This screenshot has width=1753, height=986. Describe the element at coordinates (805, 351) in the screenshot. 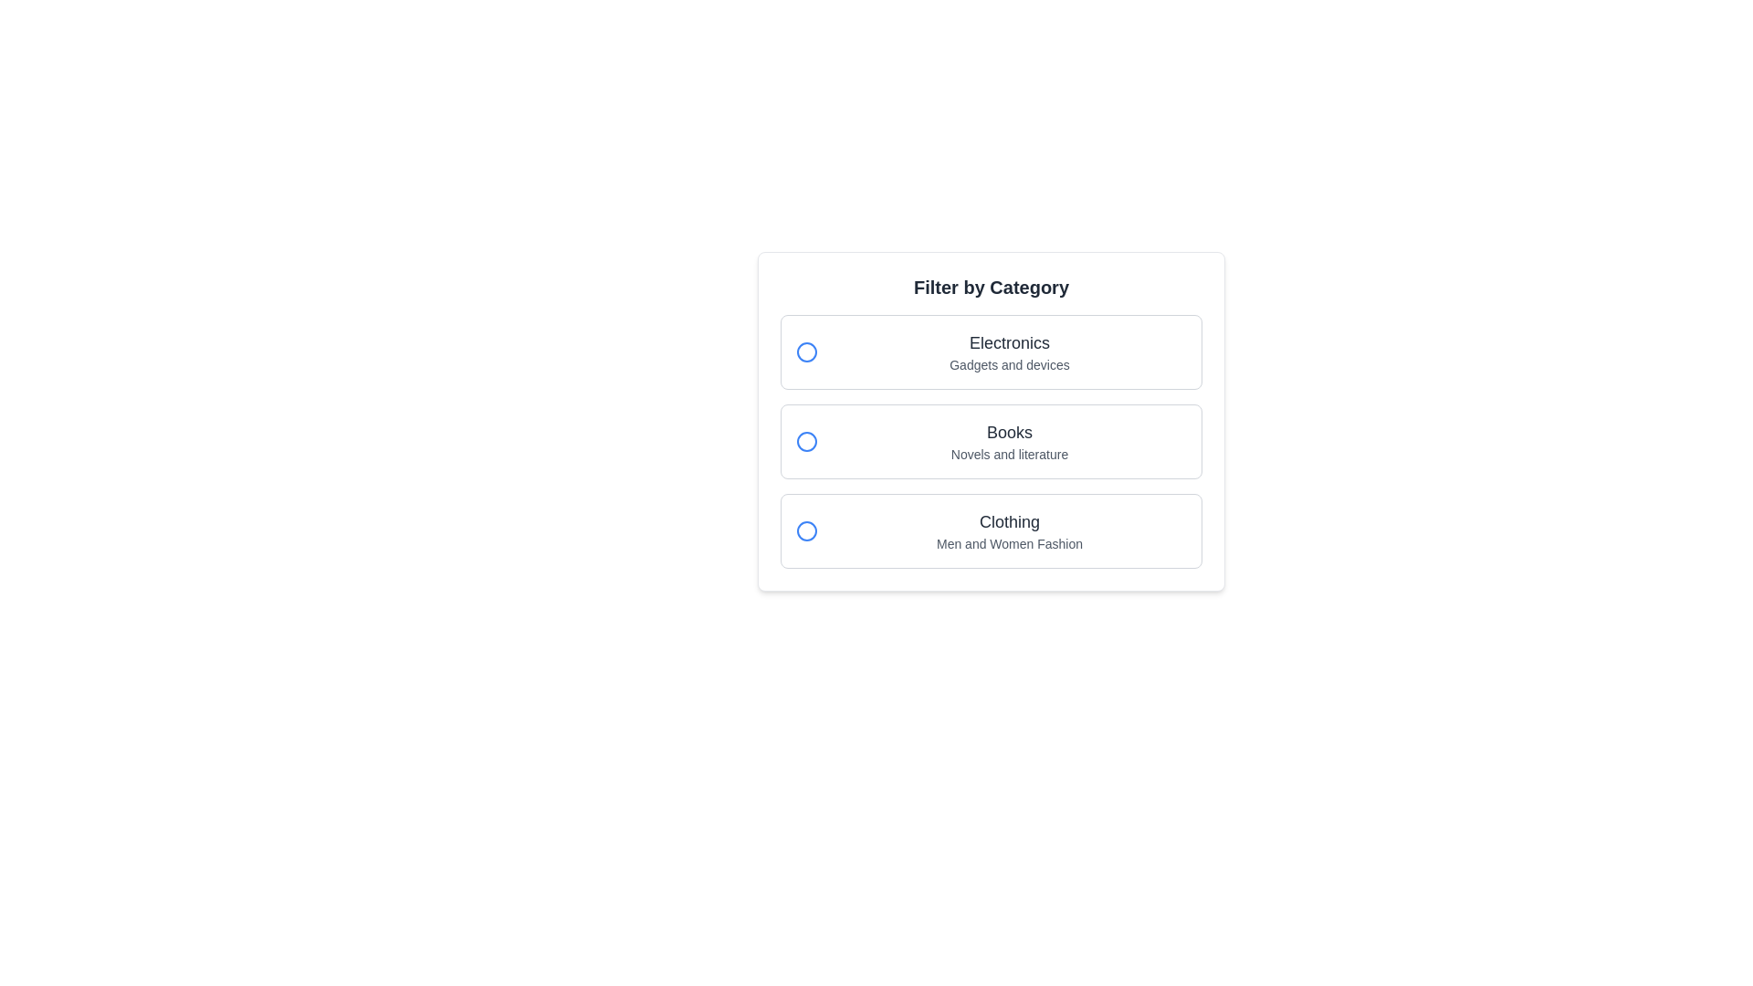

I see `the circular marker/button corresponding to the 'Electronics' category` at that location.